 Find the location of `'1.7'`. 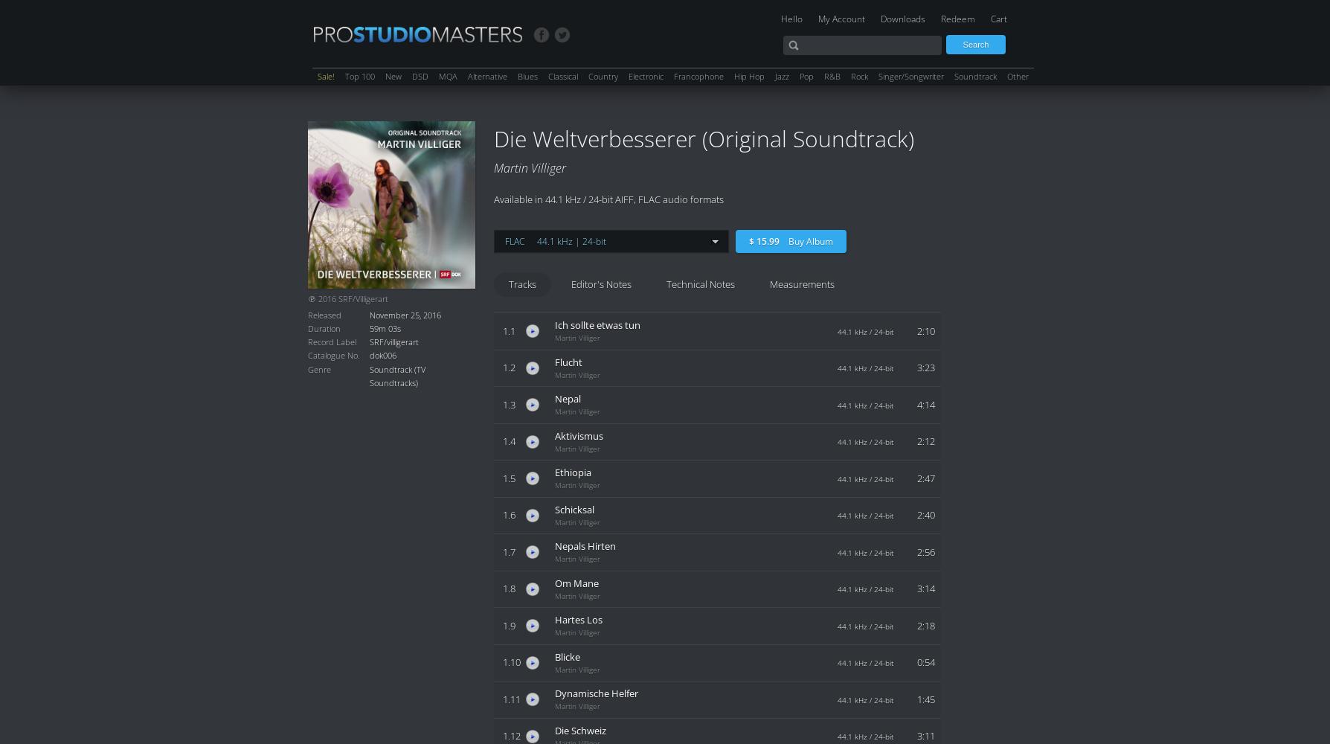

'1.7' is located at coordinates (502, 551).